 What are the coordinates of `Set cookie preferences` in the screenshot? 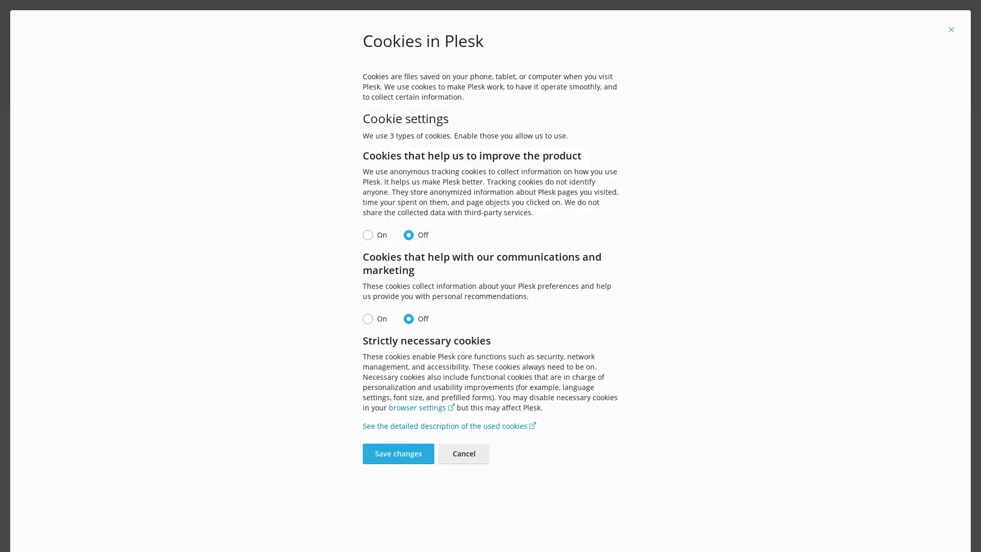 It's located at (562, 87).